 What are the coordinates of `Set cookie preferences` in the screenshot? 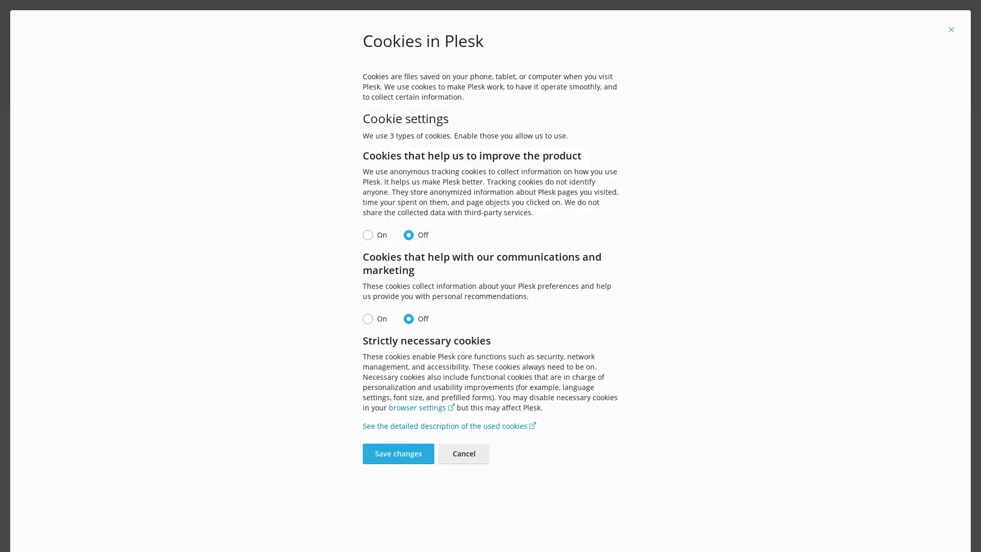 It's located at (562, 87).